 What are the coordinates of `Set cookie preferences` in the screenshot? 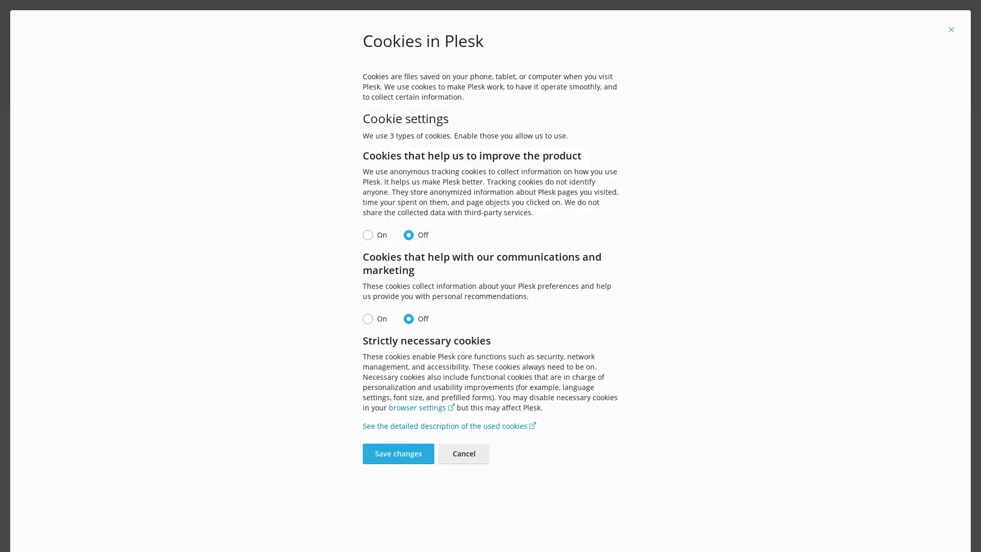 It's located at (562, 87).